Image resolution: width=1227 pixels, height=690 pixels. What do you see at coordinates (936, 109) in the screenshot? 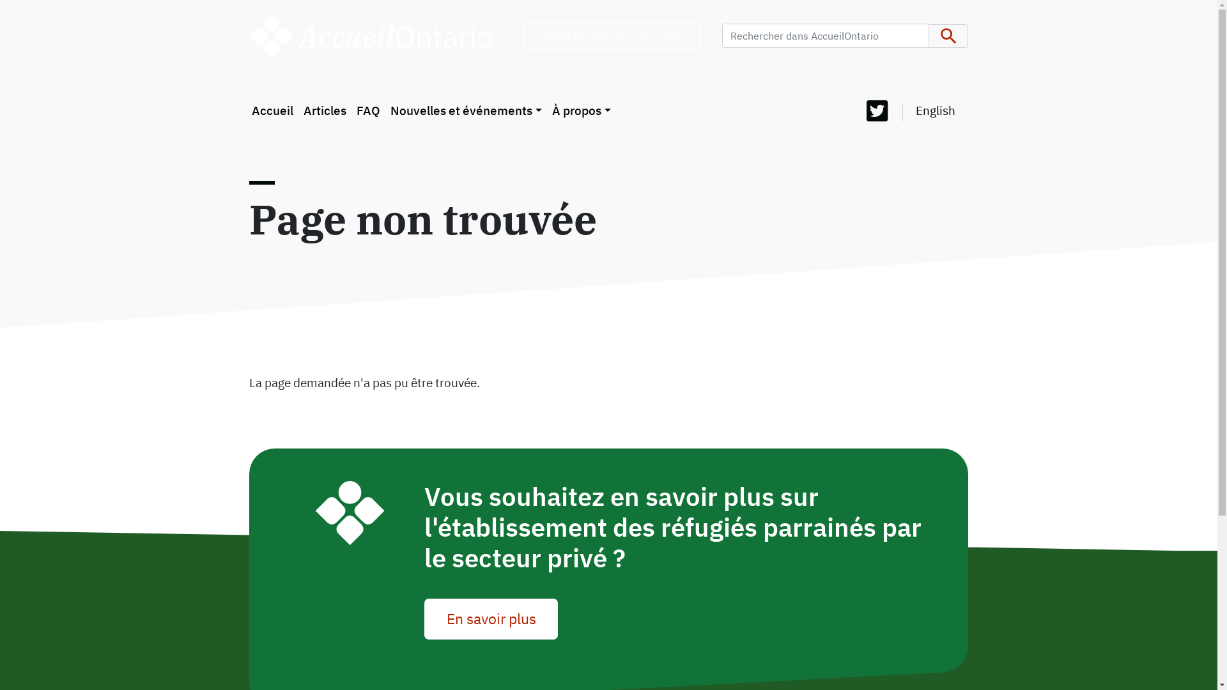
I see `'English'` at bounding box center [936, 109].